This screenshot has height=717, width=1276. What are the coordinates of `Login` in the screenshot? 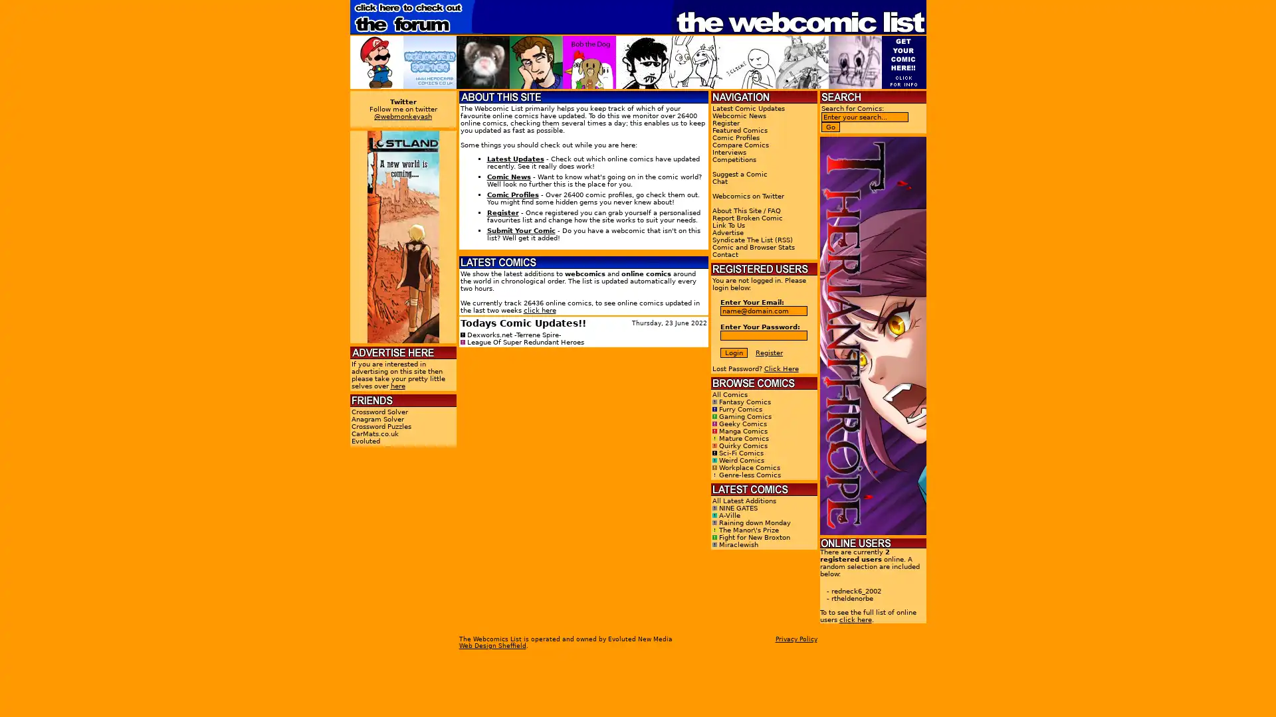 It's located at (733, 352).